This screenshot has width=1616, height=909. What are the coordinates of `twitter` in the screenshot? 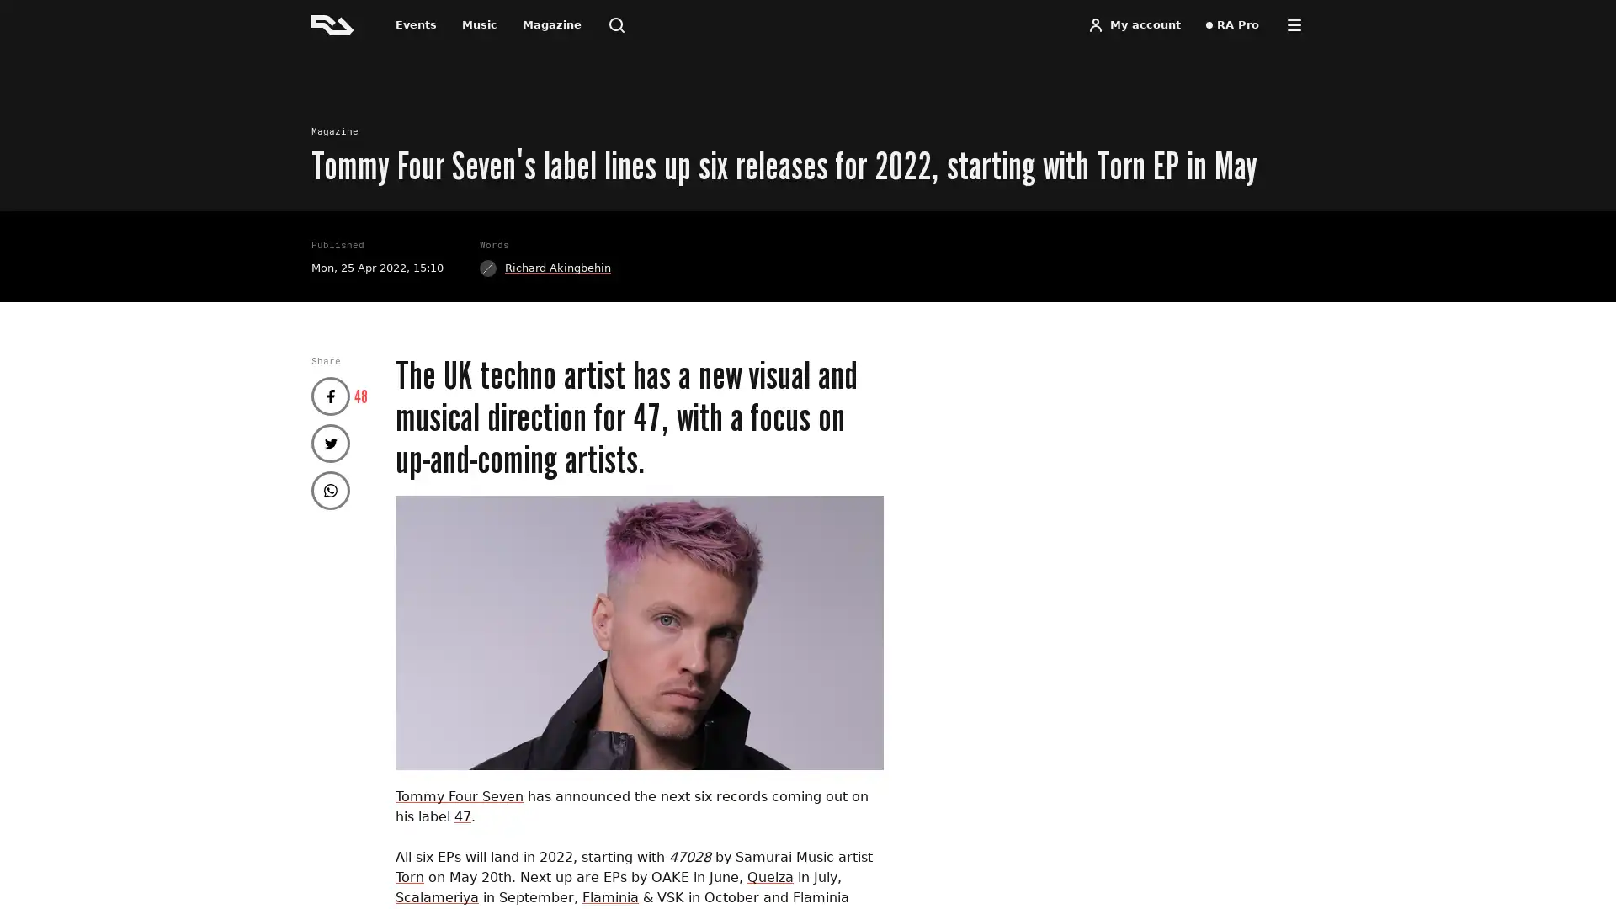 It's located at (331, 441).